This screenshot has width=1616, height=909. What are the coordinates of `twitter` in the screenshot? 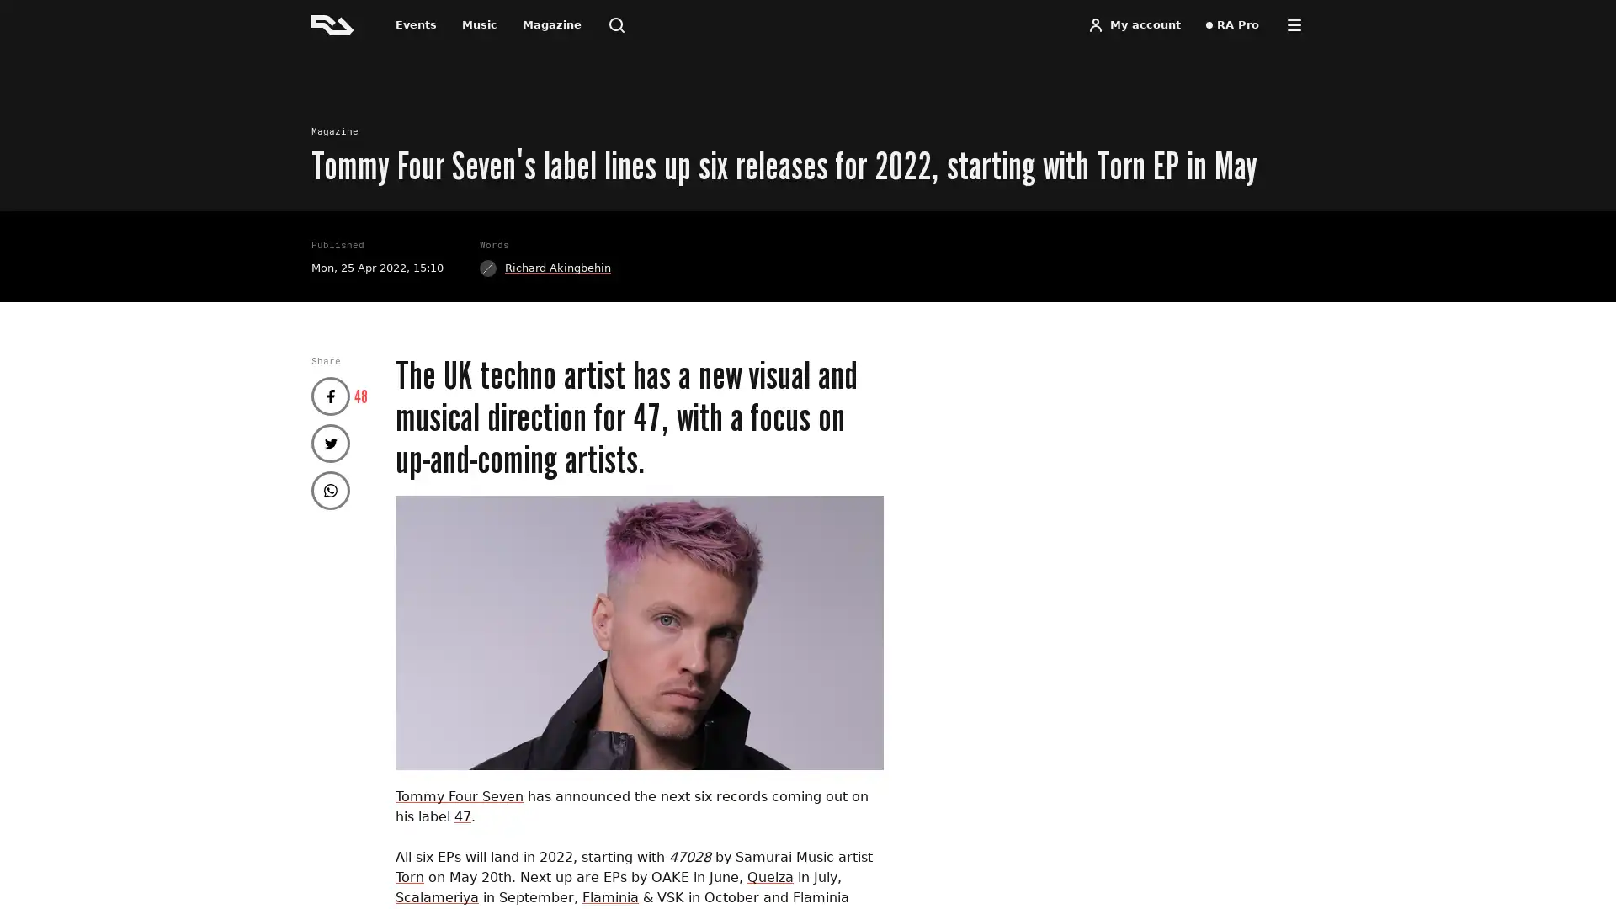 It's located at (331, 441).